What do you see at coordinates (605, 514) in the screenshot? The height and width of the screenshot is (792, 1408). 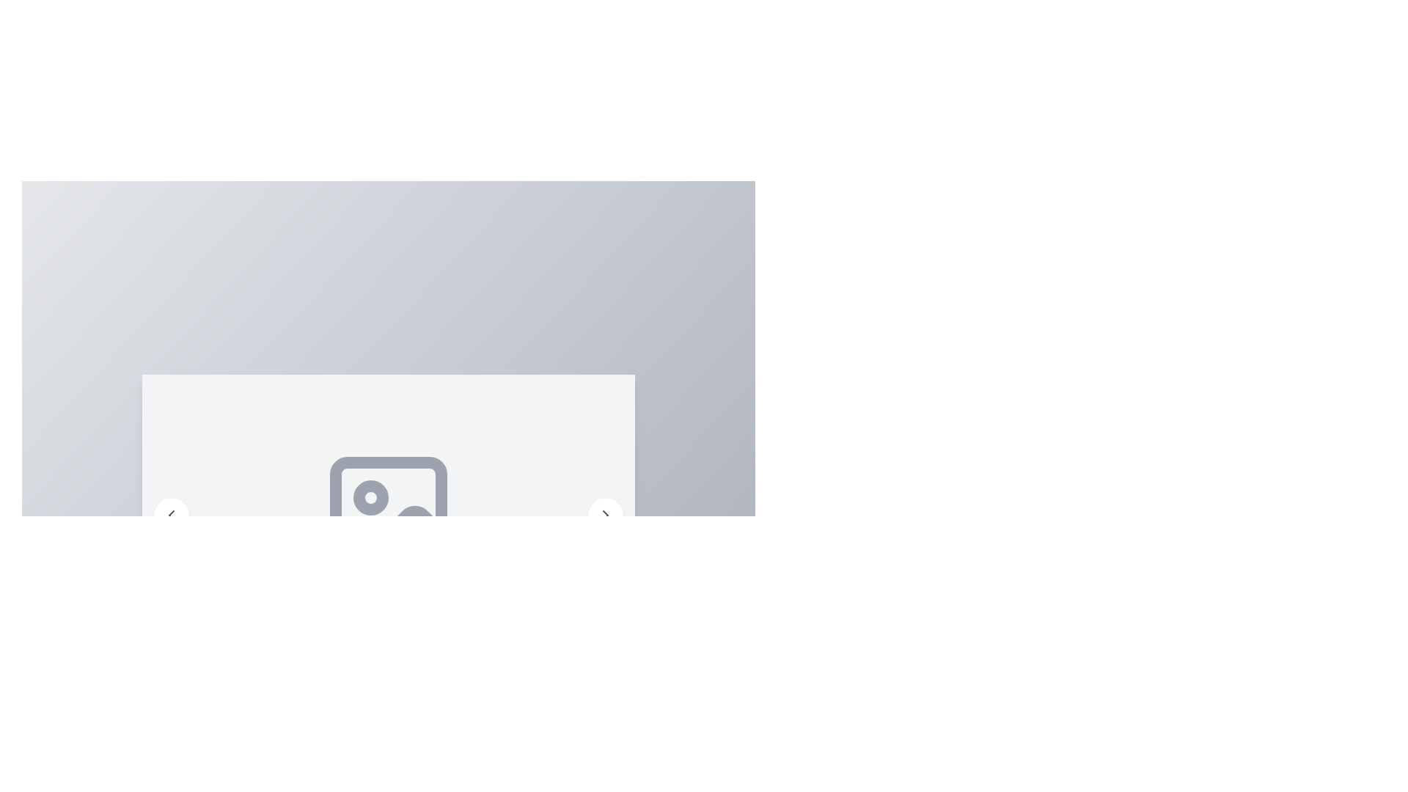 I see `the rightward-pointing chevron icon within the circular white button at the bottom-right corner of the interface` at bounding box center [605, 514].